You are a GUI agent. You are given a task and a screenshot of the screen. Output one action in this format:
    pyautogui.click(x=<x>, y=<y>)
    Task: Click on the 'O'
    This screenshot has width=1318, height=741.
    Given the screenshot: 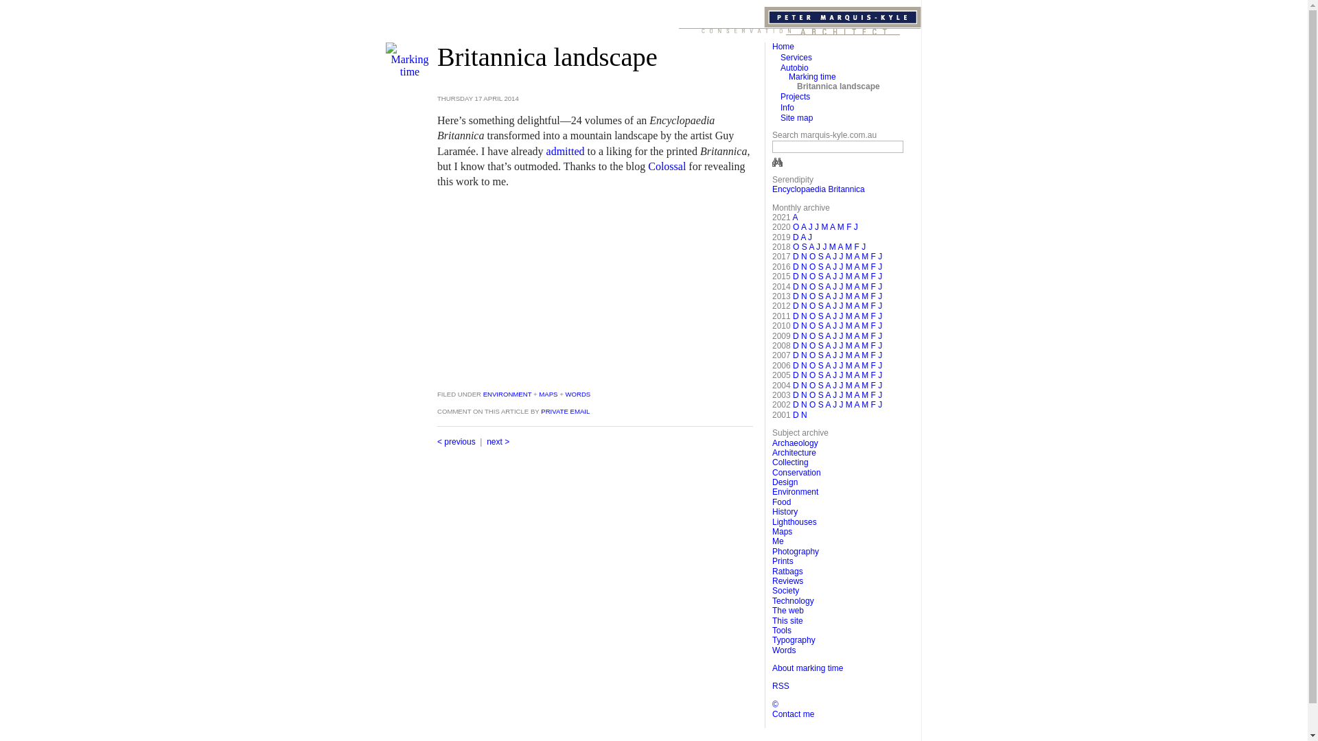 What is the action you would take?
    pyautogui.click(x=809, y=267)
    